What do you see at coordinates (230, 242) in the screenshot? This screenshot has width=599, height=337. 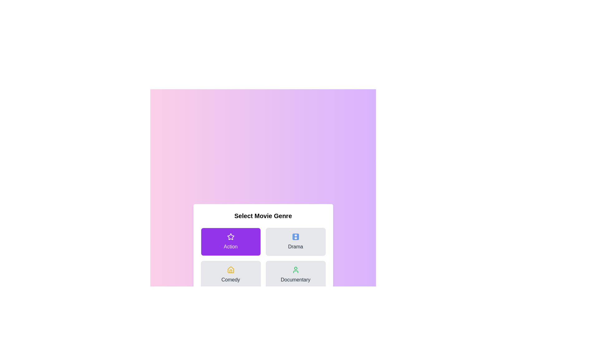 I see `the genre button for Action` at bounding box center [230, 242].